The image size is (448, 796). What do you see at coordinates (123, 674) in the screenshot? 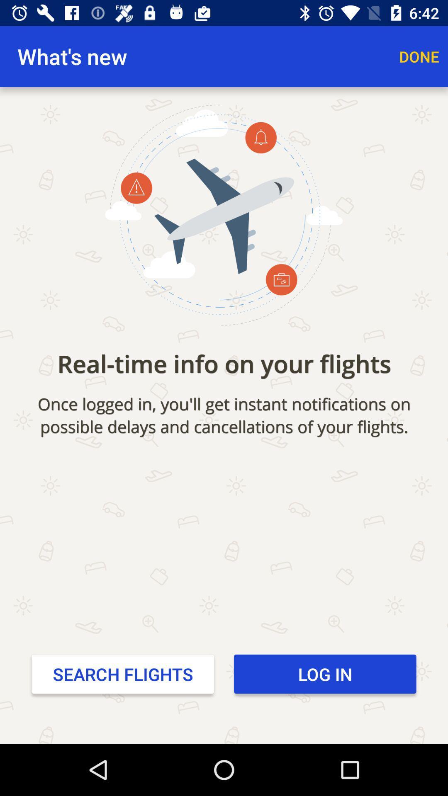
I see `search flights item` at bounding box center [123, 674].